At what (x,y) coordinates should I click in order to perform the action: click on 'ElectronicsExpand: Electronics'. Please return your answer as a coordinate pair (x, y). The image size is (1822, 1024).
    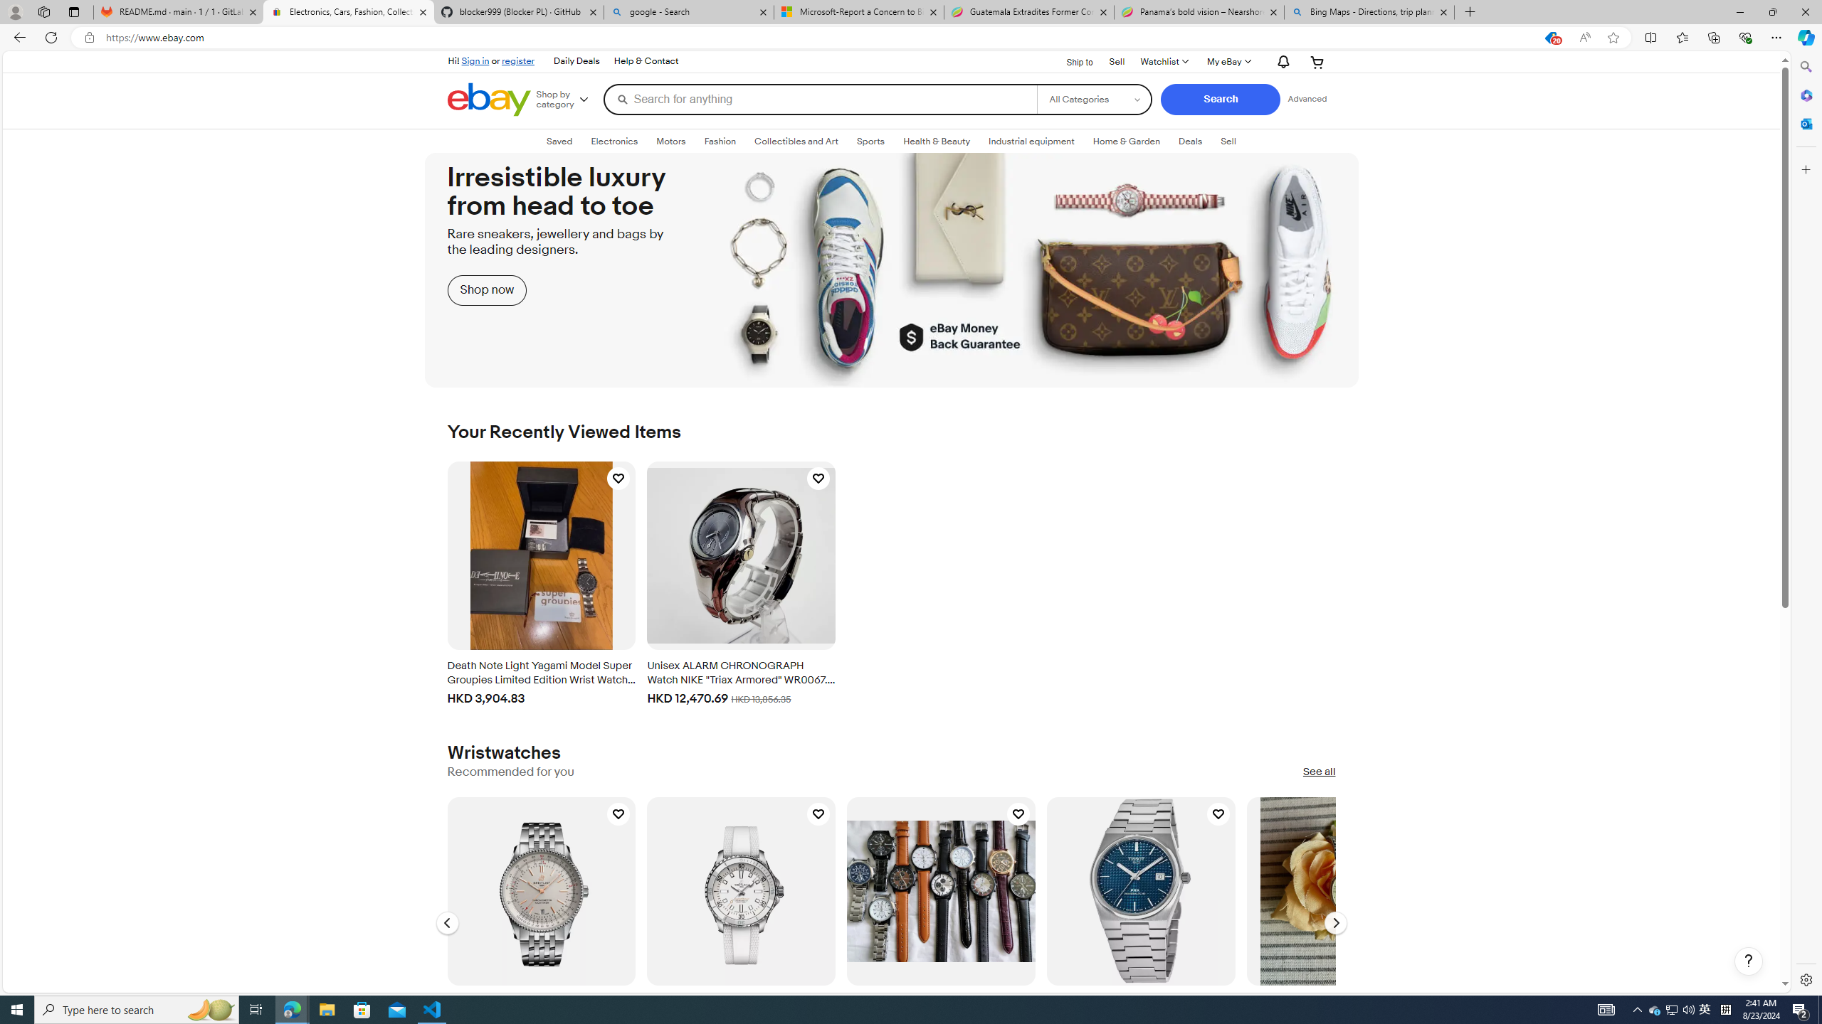
    Looking at the image, I should click on (613, 141).